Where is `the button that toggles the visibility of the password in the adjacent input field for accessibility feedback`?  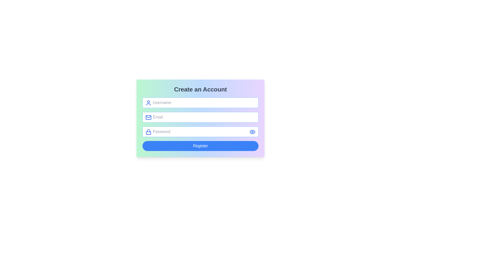 the button that toggles the visibility of the password in the adjacent input field for accessibility feedback is located at coordinates (252, 132).